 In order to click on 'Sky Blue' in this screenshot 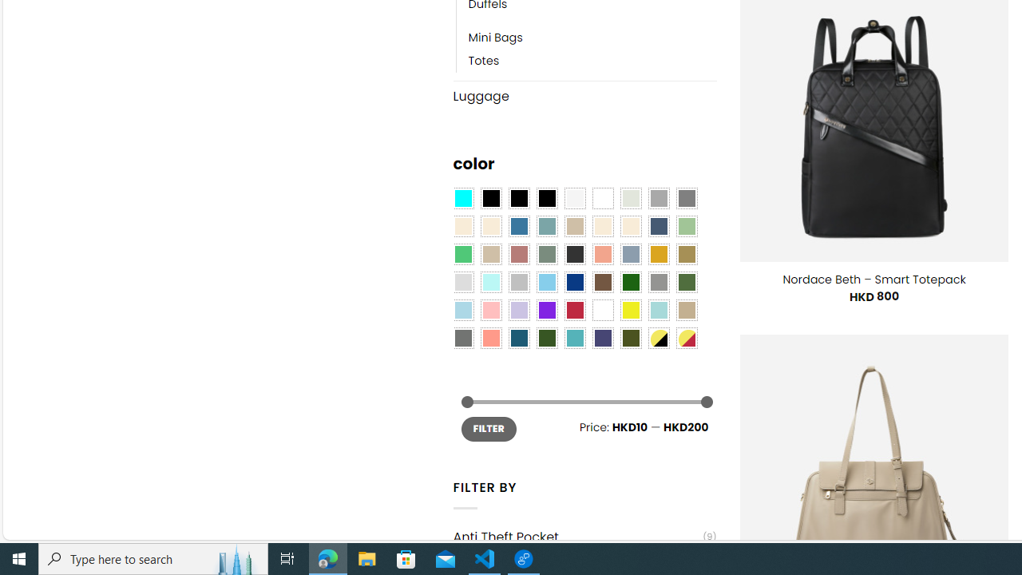, I will do `click(546, 282)`.